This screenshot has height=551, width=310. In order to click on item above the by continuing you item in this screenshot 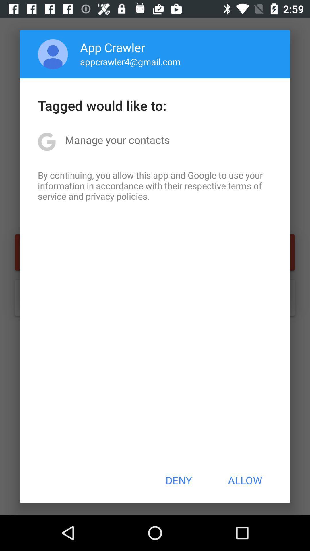, I will do `click(117, 140)`.